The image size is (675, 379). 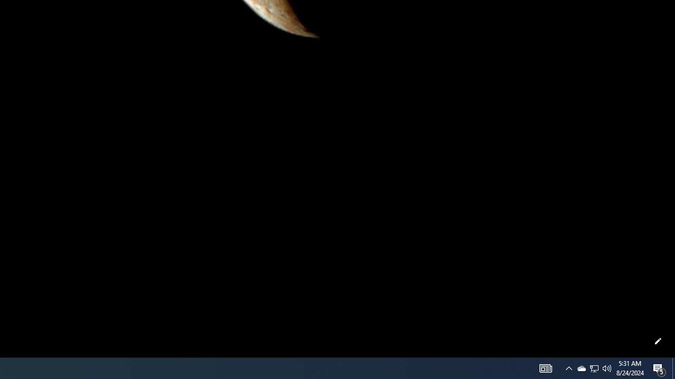 What do you see at coordinates (545, 367) in the screenshot?
I see `'AutomationID: 4105'` at bounding box center [545, 367].